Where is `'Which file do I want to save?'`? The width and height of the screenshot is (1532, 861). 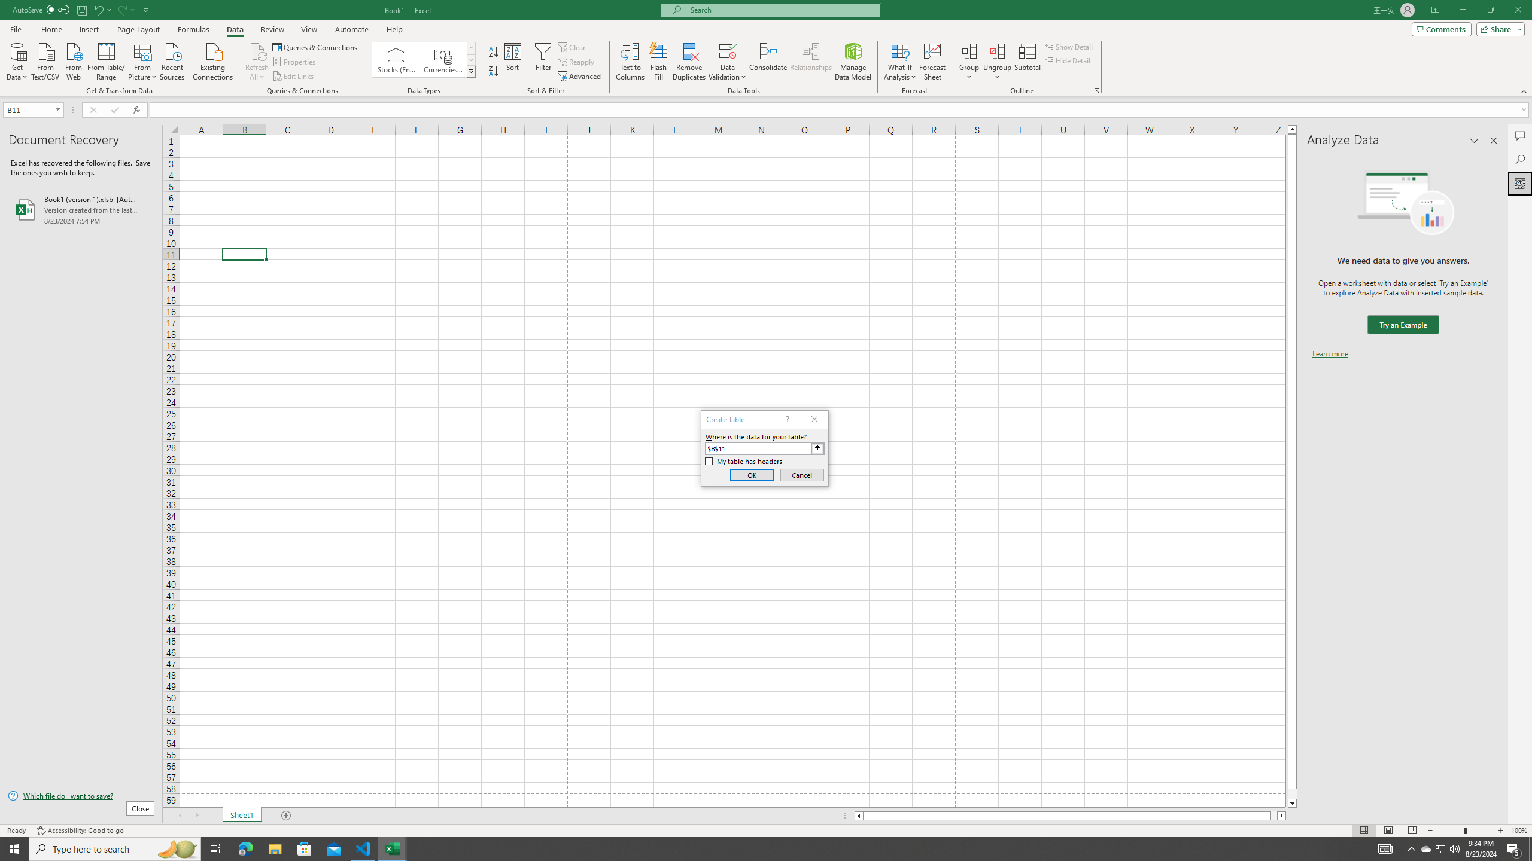
'Which file do I want to save?' is located at coordinates (80, 796).